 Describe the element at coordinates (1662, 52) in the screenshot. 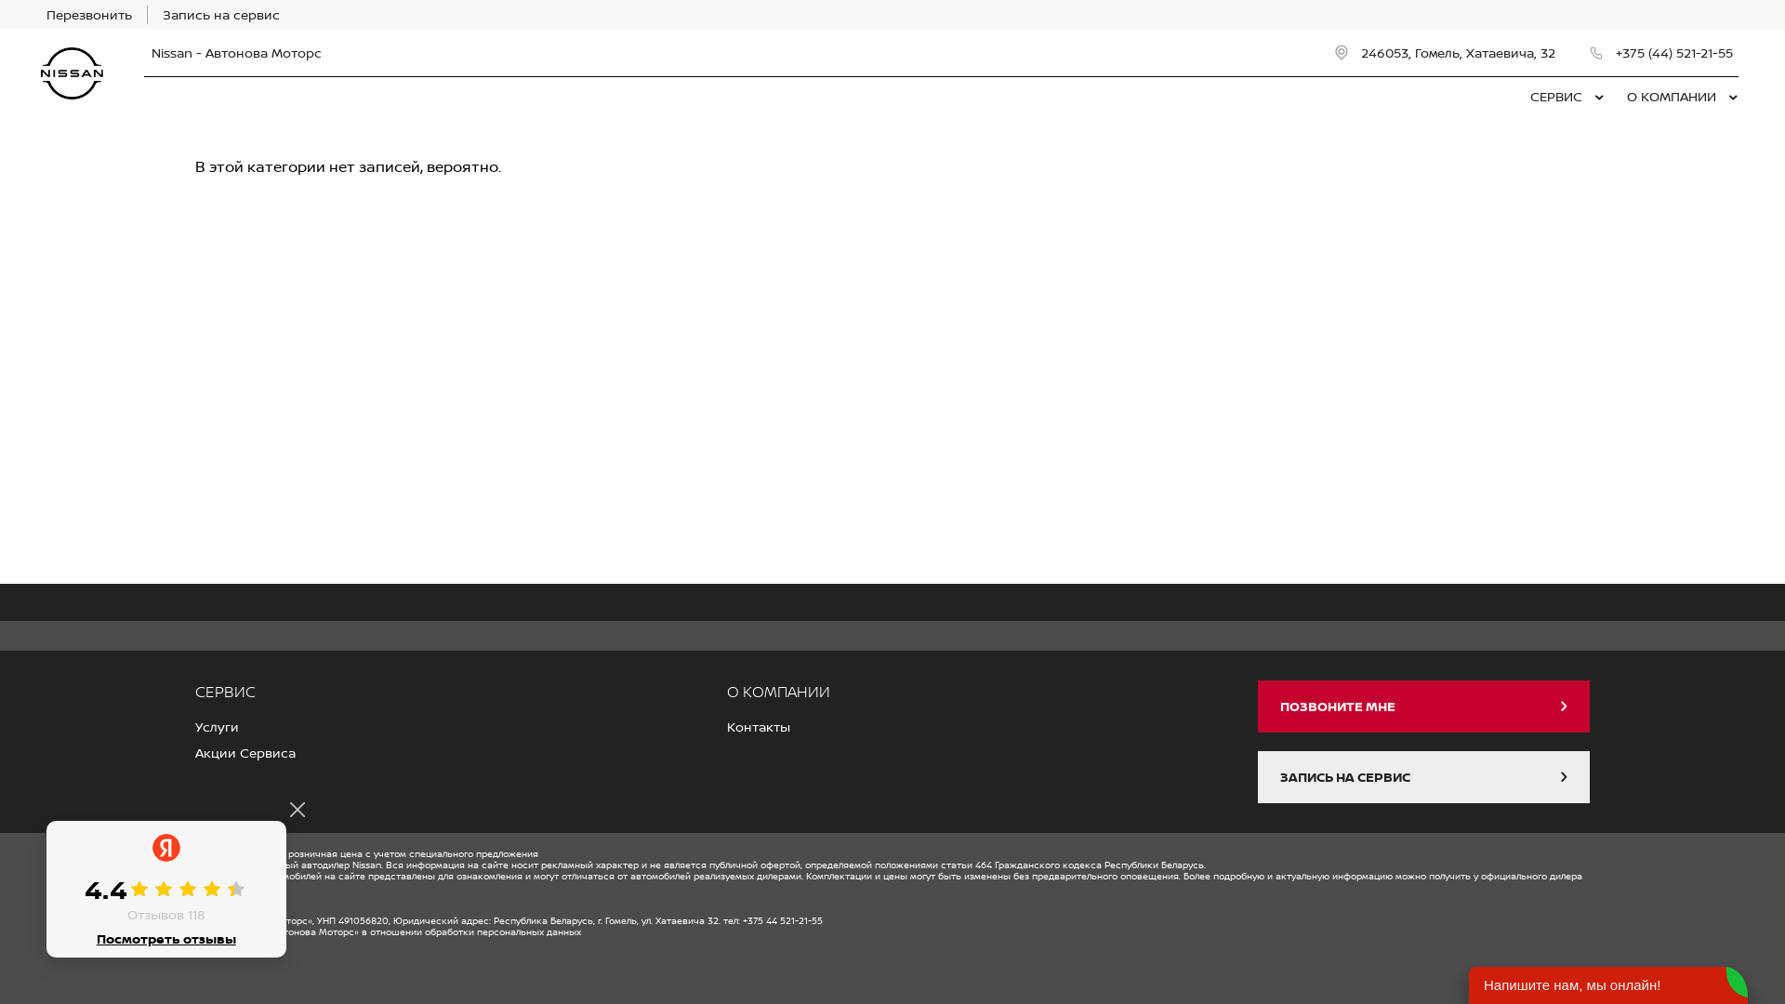

I see `'+375 (44) 521-21-55'` at that location.